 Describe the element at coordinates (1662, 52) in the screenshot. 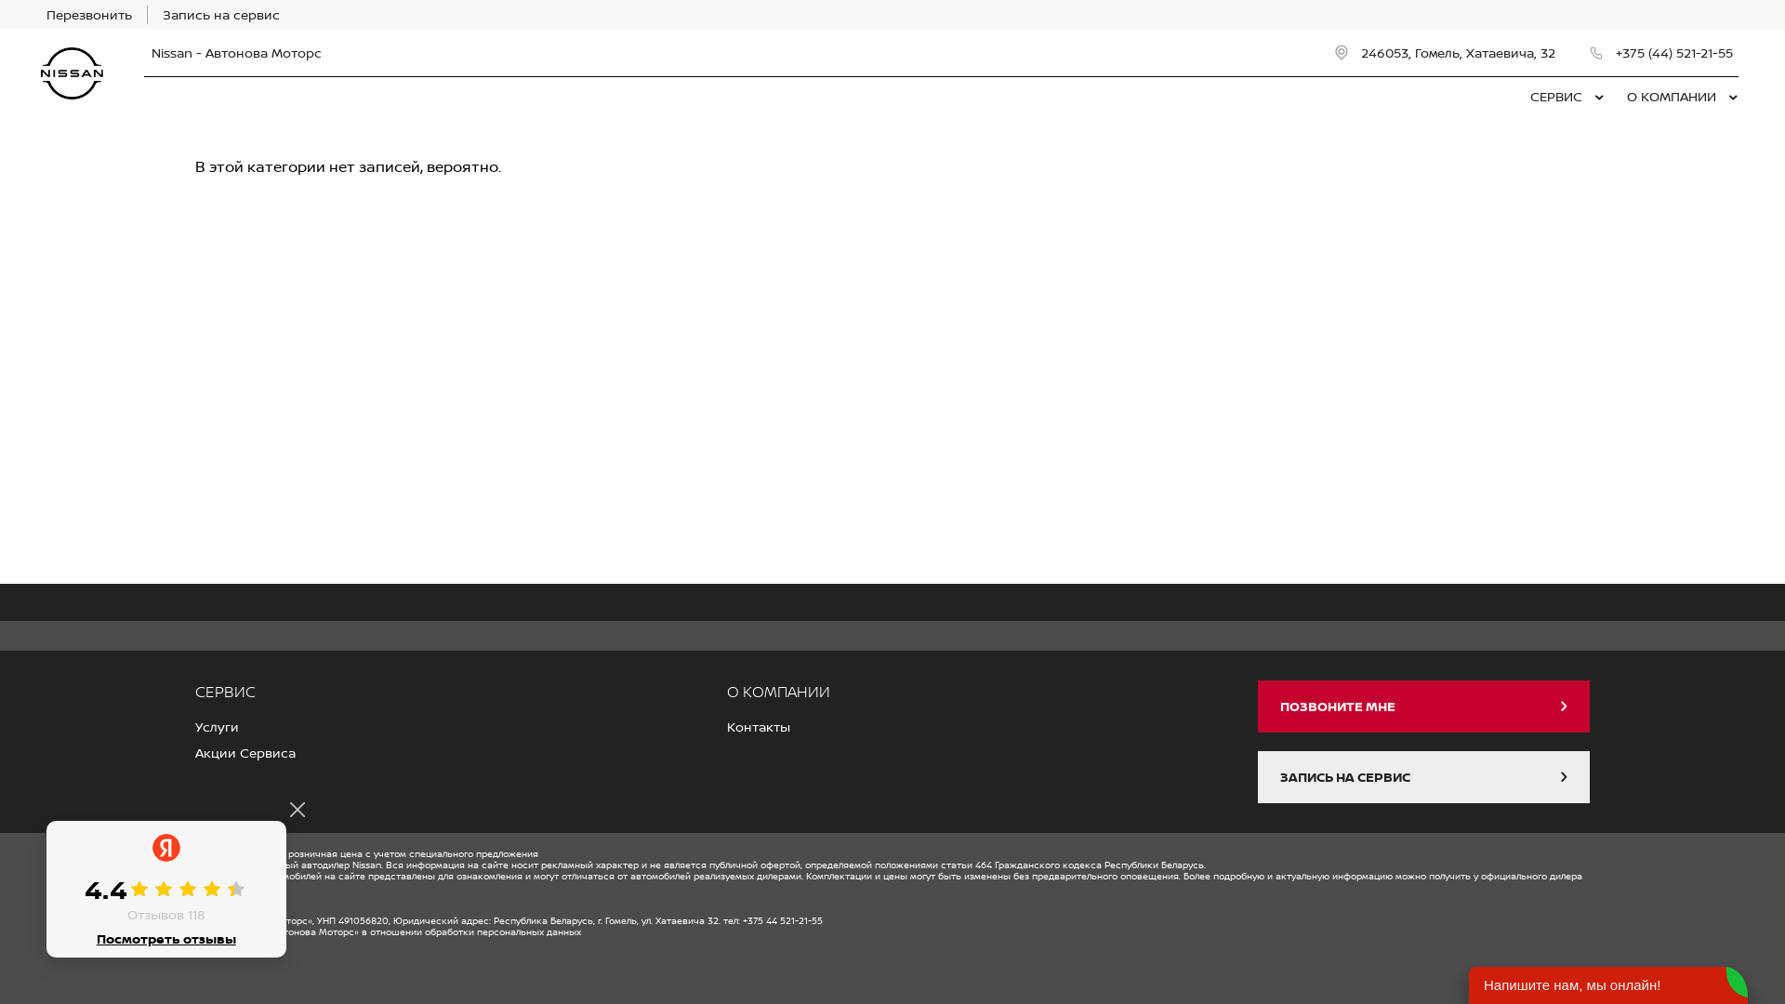

I see `'+375 (44) 521-21-55'` at that location.